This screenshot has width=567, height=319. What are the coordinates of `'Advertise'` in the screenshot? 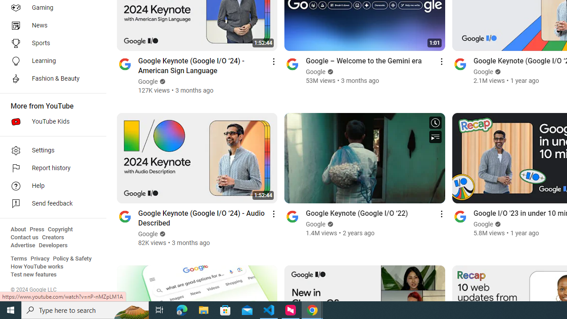 It's located at (23, 245).